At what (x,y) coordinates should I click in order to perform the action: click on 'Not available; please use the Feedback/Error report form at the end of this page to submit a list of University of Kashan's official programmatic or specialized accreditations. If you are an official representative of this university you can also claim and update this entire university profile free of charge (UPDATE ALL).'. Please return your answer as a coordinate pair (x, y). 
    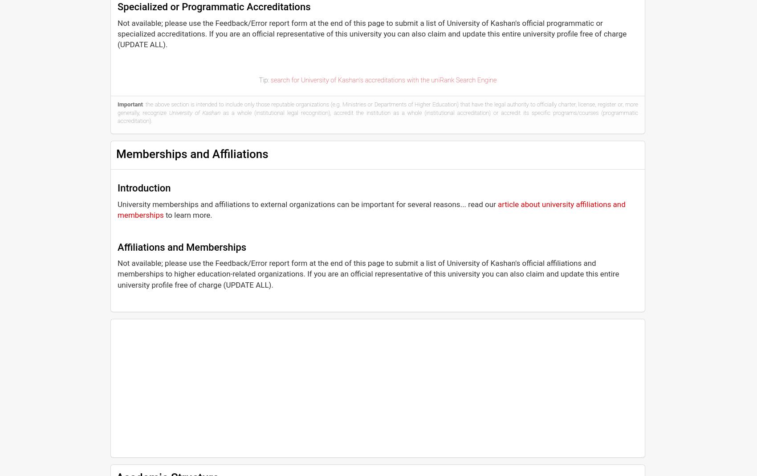
    Looking at the image, I should click on (371, 33).